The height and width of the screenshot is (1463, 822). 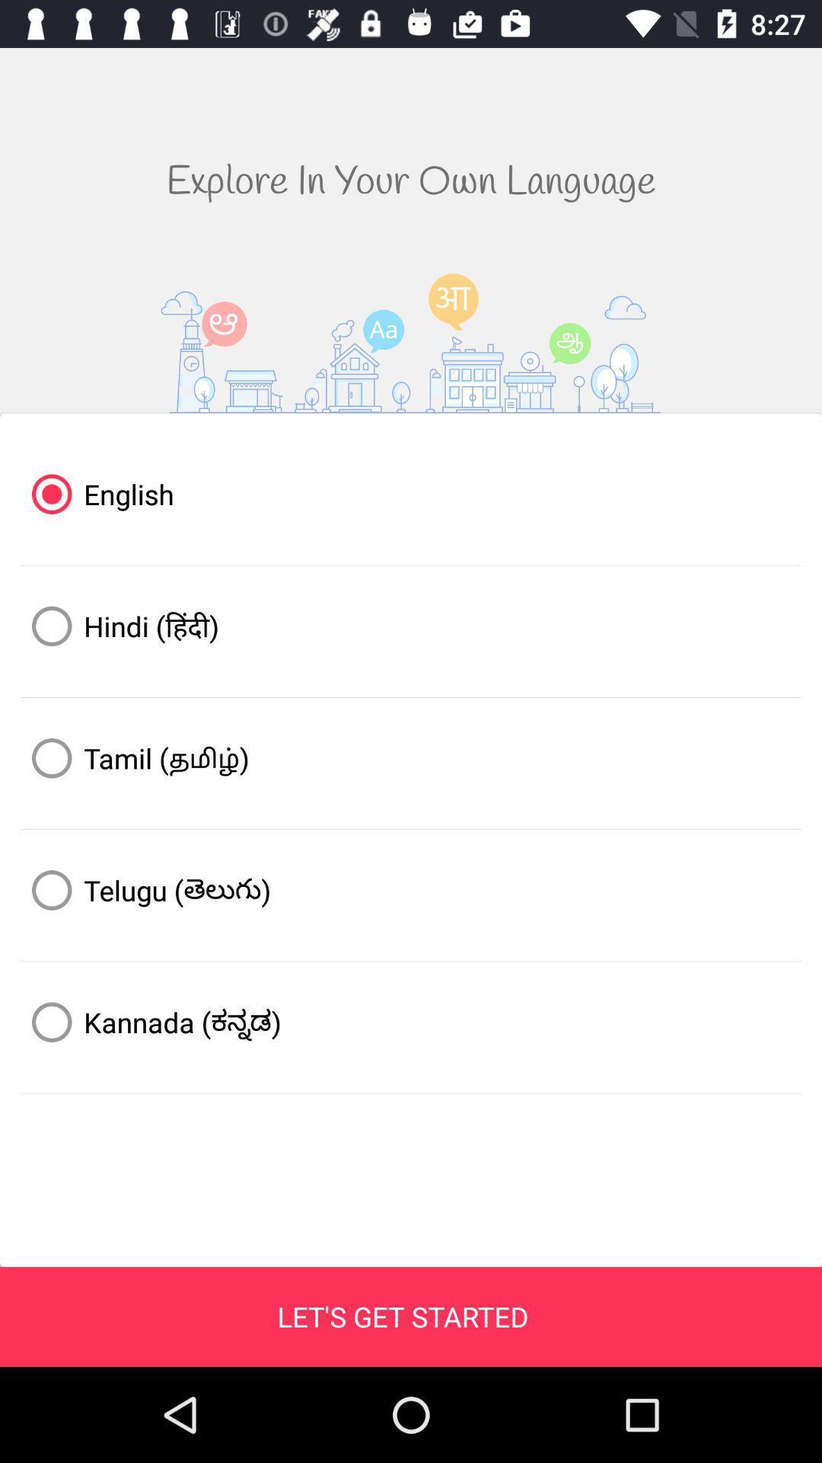 I want to click on the english item, so click(x=411, y=494).